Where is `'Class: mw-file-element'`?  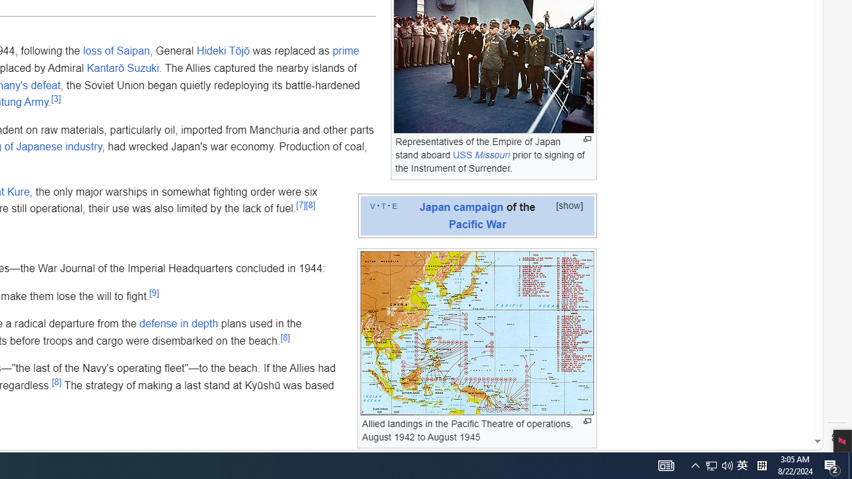 'Class: mw-file-element' is located at coordinates (477, 332).